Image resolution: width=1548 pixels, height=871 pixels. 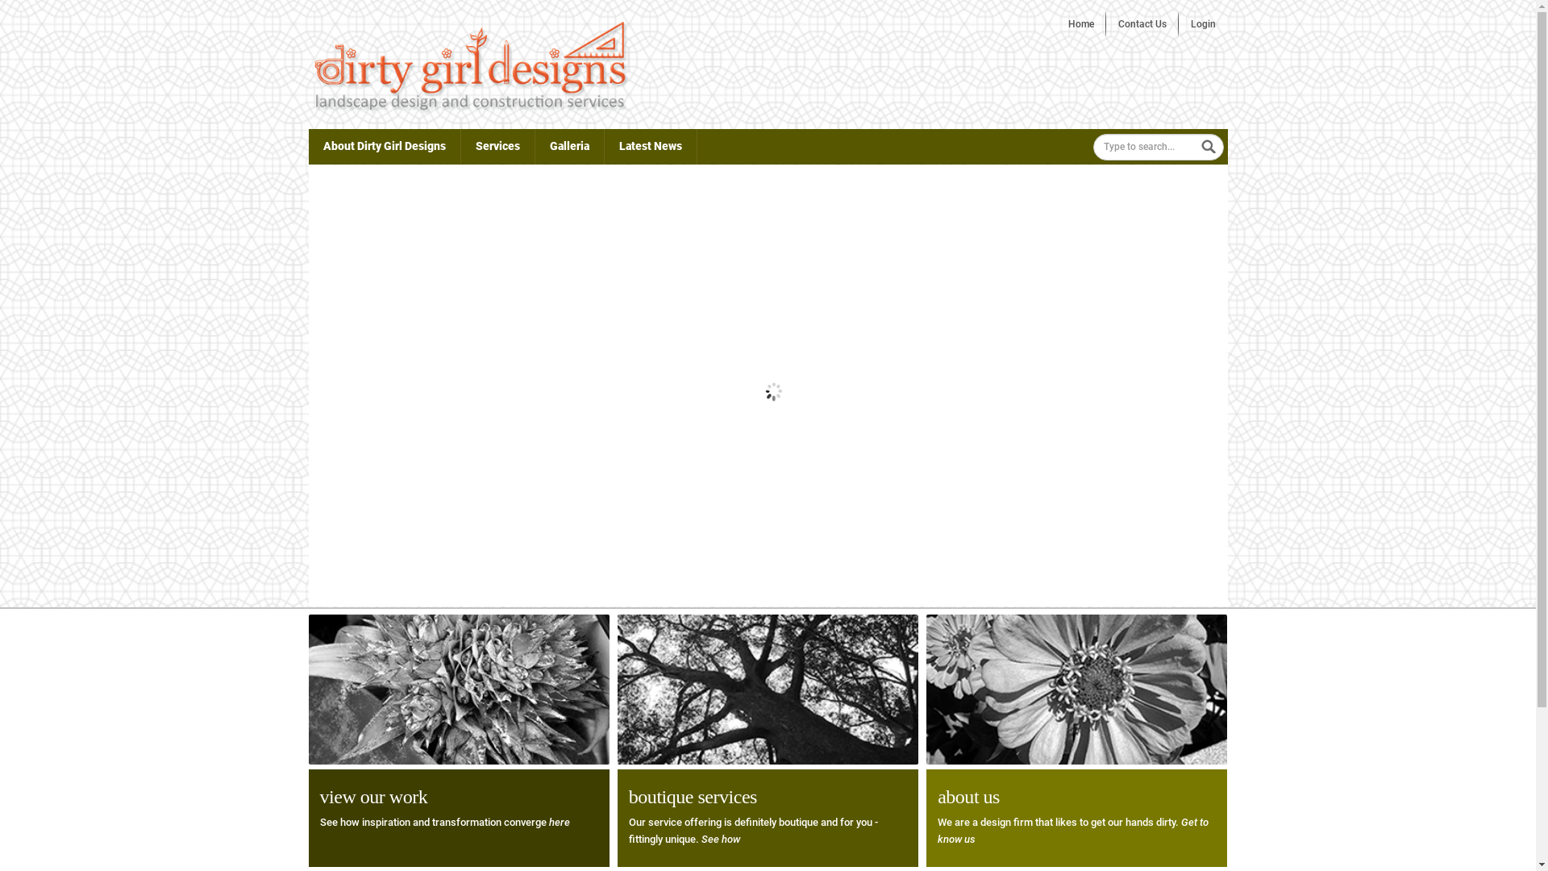 What do you see at coordinates (382, 146) in the screenshot?
I see `'About Dirty Girl Designs'` at bounding box center [382, 146].